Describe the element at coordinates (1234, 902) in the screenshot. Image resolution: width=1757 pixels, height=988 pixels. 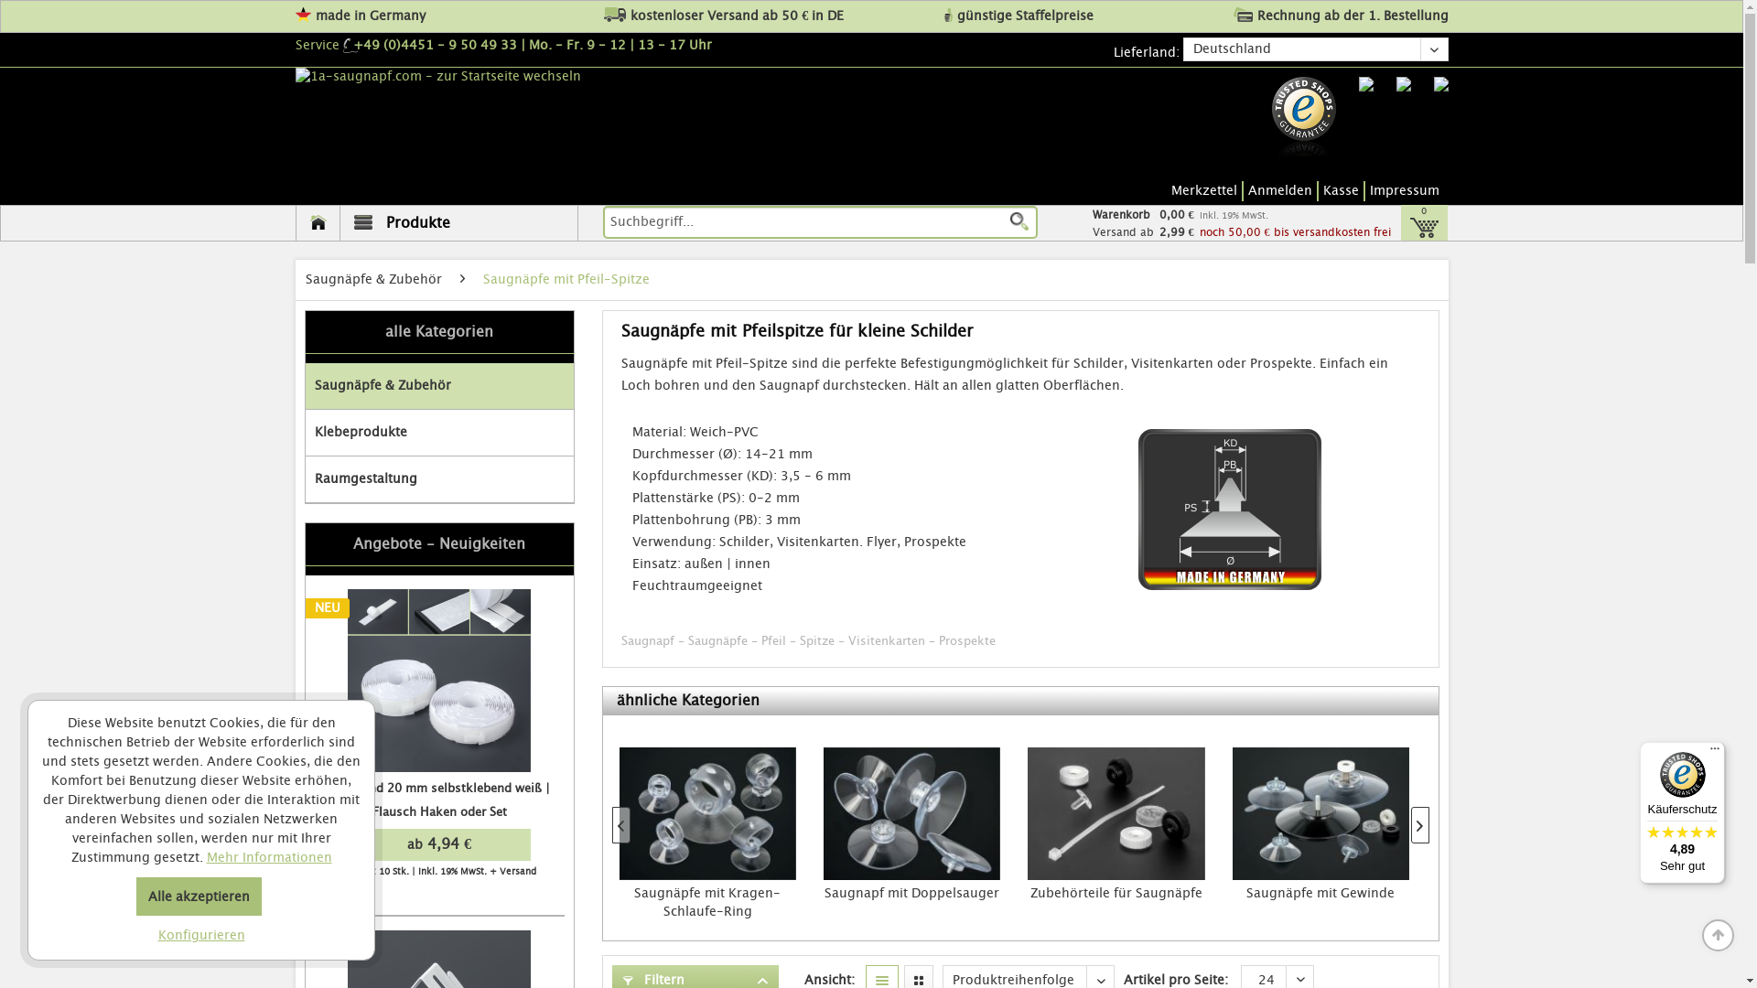
I see `'Saugnapf mit Doppelsauger'` at that location.